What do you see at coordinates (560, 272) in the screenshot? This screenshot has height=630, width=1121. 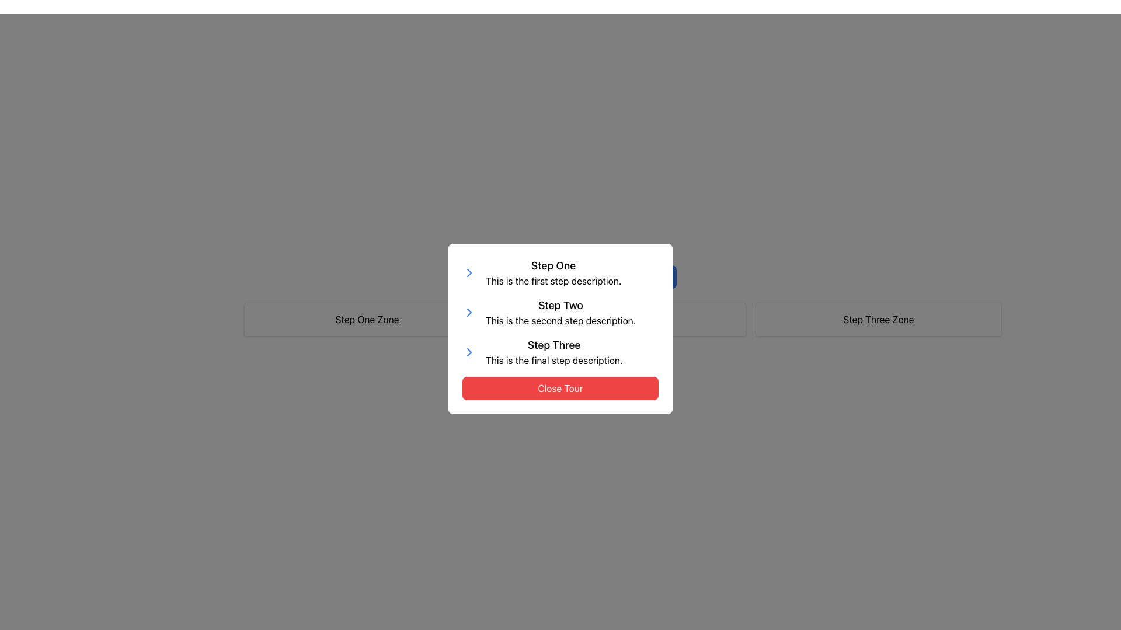 I see `the first Text block with accompanying icon in the modal dialog box` at bounding box center [560, 272].